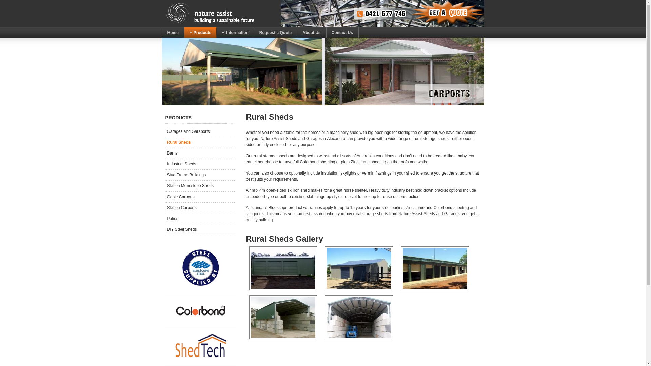 This screenshot has height=366, width=651. What do you see at coordinates (200, 219) in the screenshot?
I see `'Patios'` at bounding box center [200, 219].